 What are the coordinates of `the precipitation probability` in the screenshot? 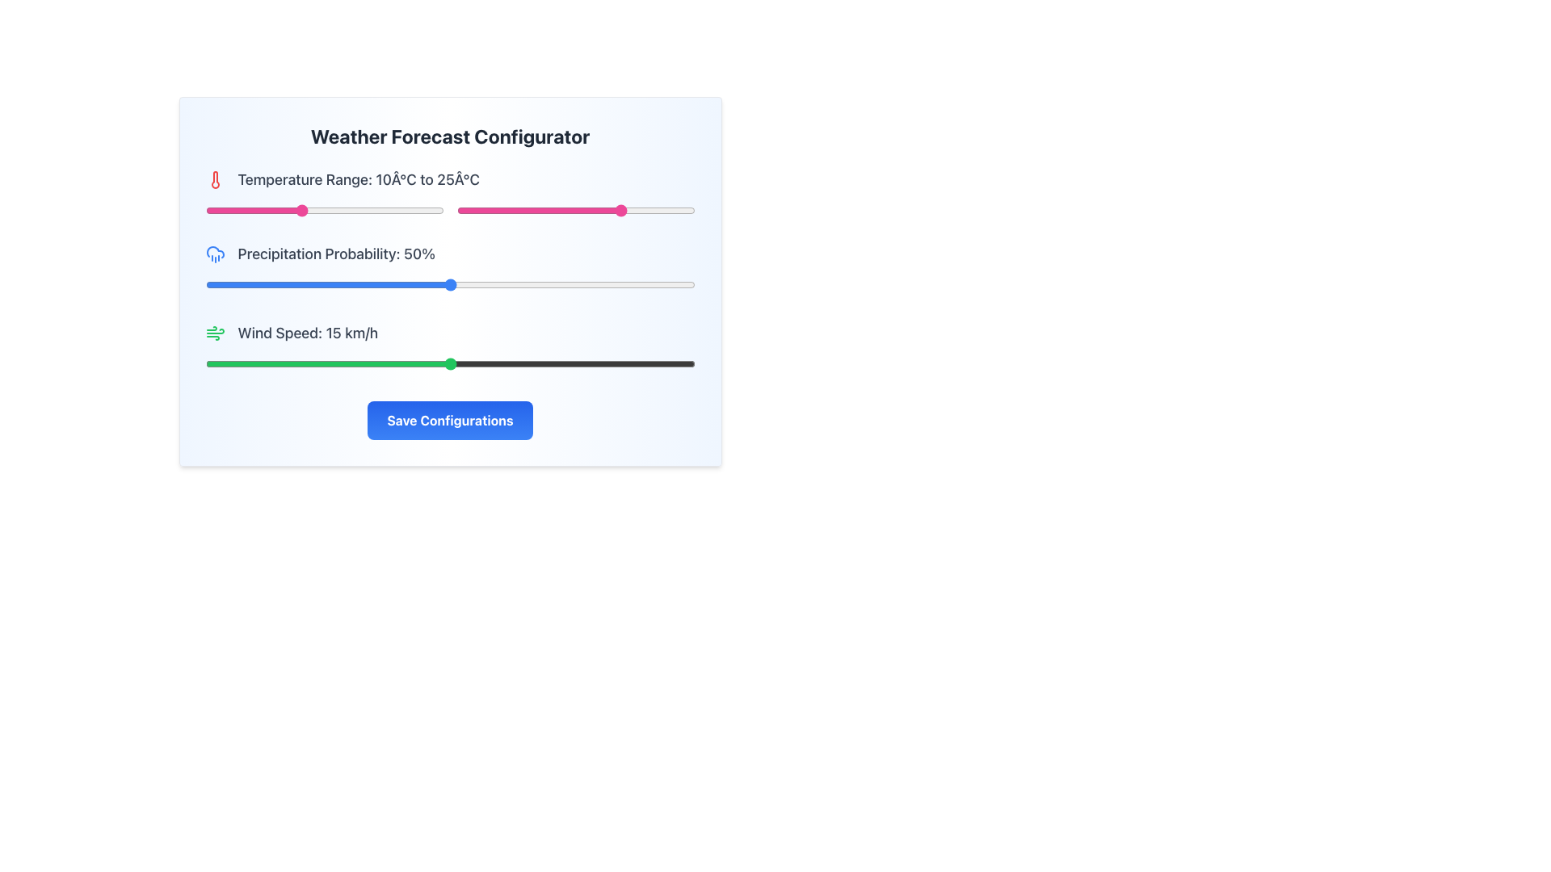 It's located at (298, 284).